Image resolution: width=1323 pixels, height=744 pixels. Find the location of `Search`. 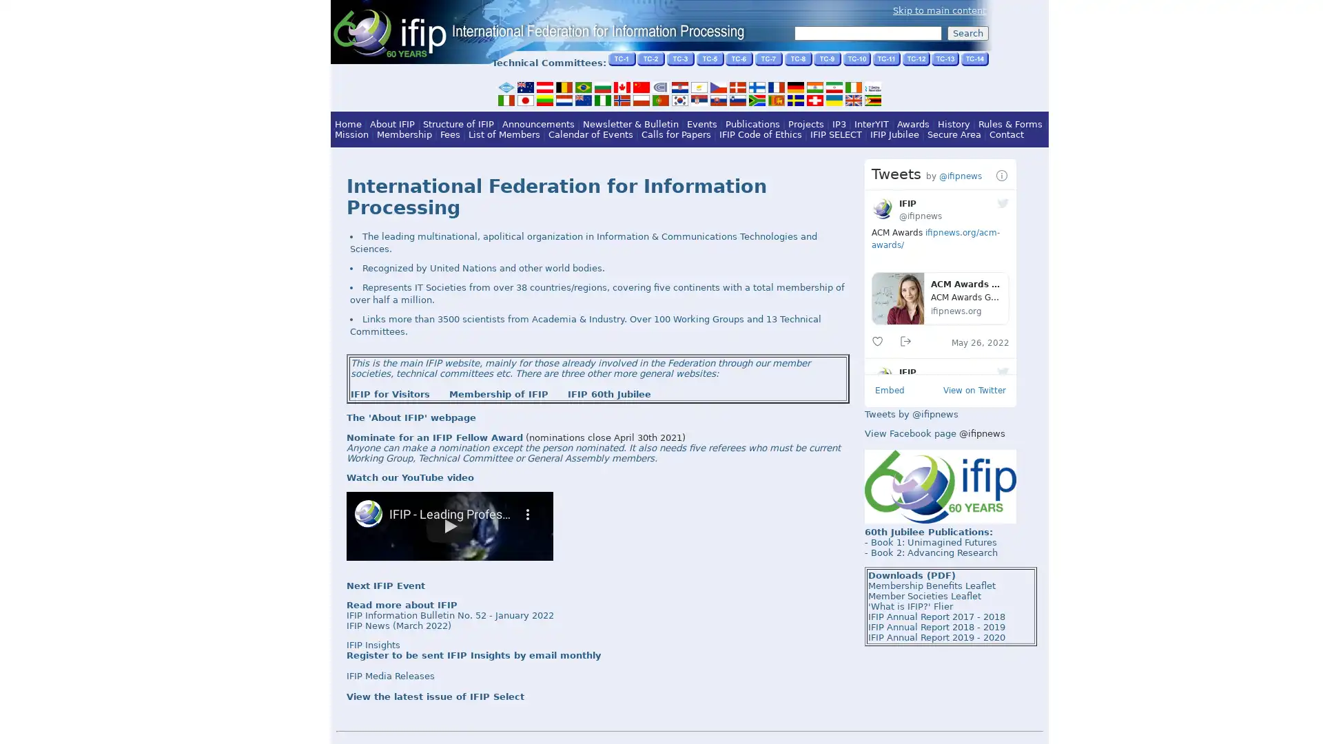

Search is located at coordinates (967, 32).